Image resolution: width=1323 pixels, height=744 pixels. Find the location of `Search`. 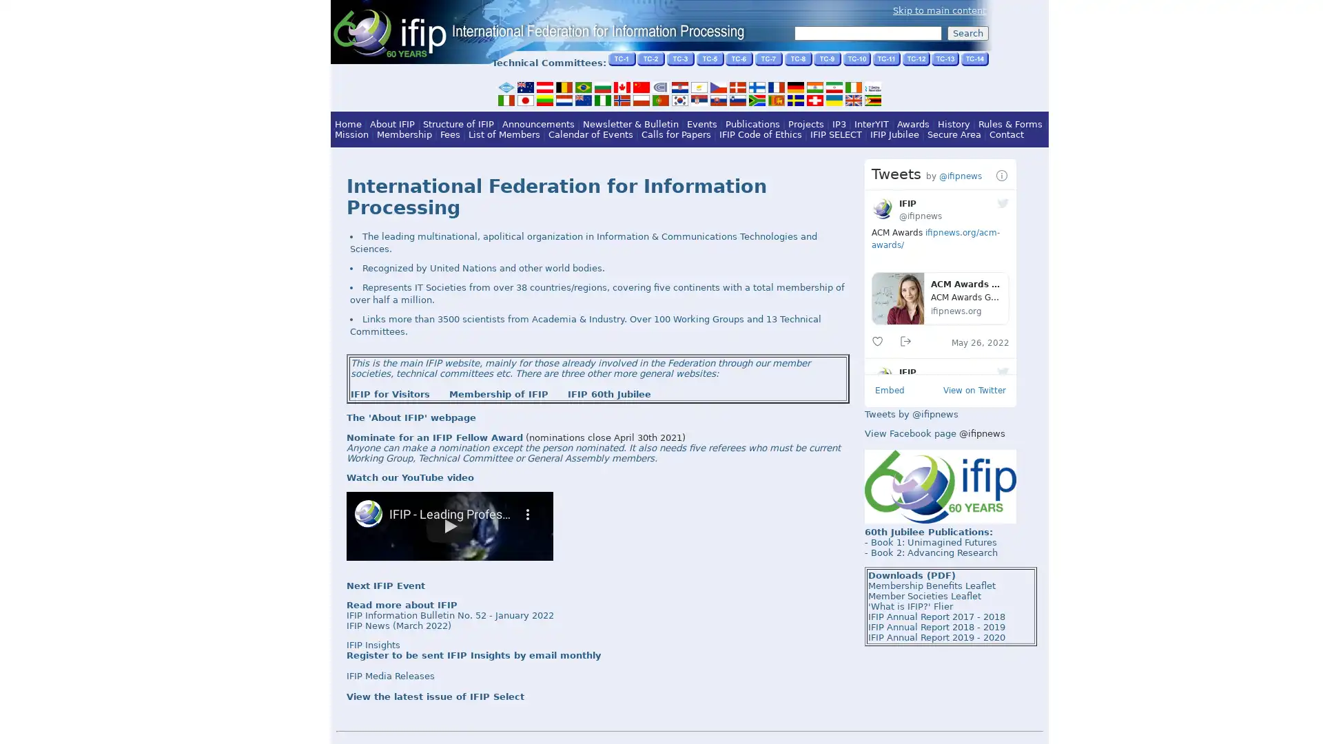

Search is located at coordinates (967, 32).